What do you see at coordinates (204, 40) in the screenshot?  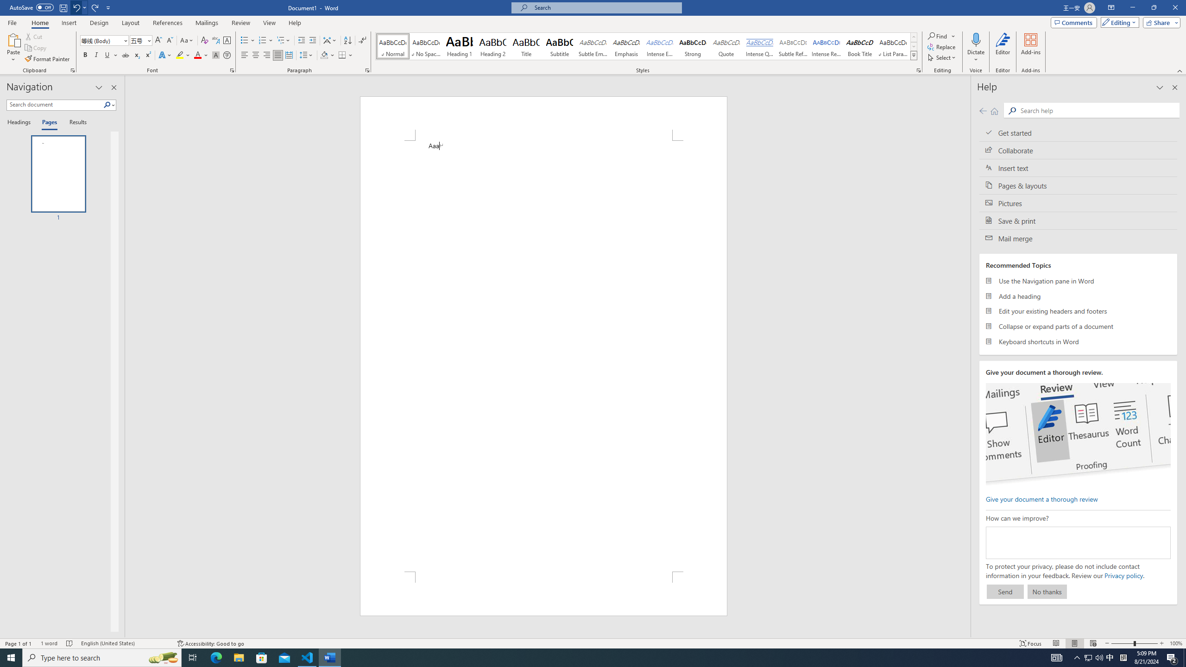 I see `'Clear Formatting'` at bounding box center [204, 40].